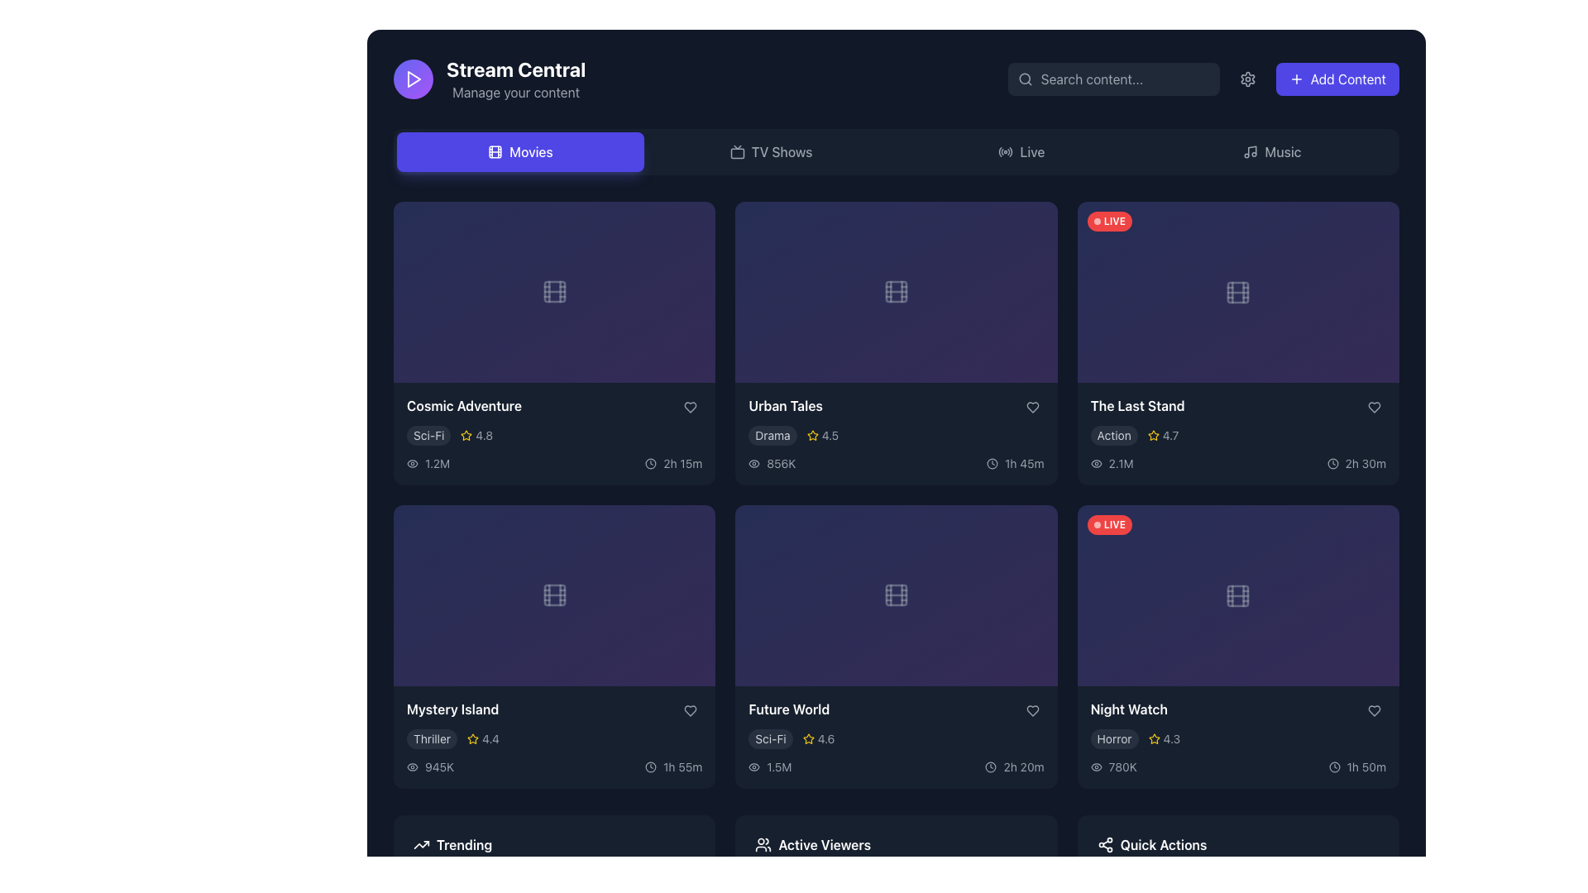  What do you see at coordinates (1337, 79) in the screenshot?
I see `the add content button located in the top-right corner of the interface` at bounding box center [1337, 79].